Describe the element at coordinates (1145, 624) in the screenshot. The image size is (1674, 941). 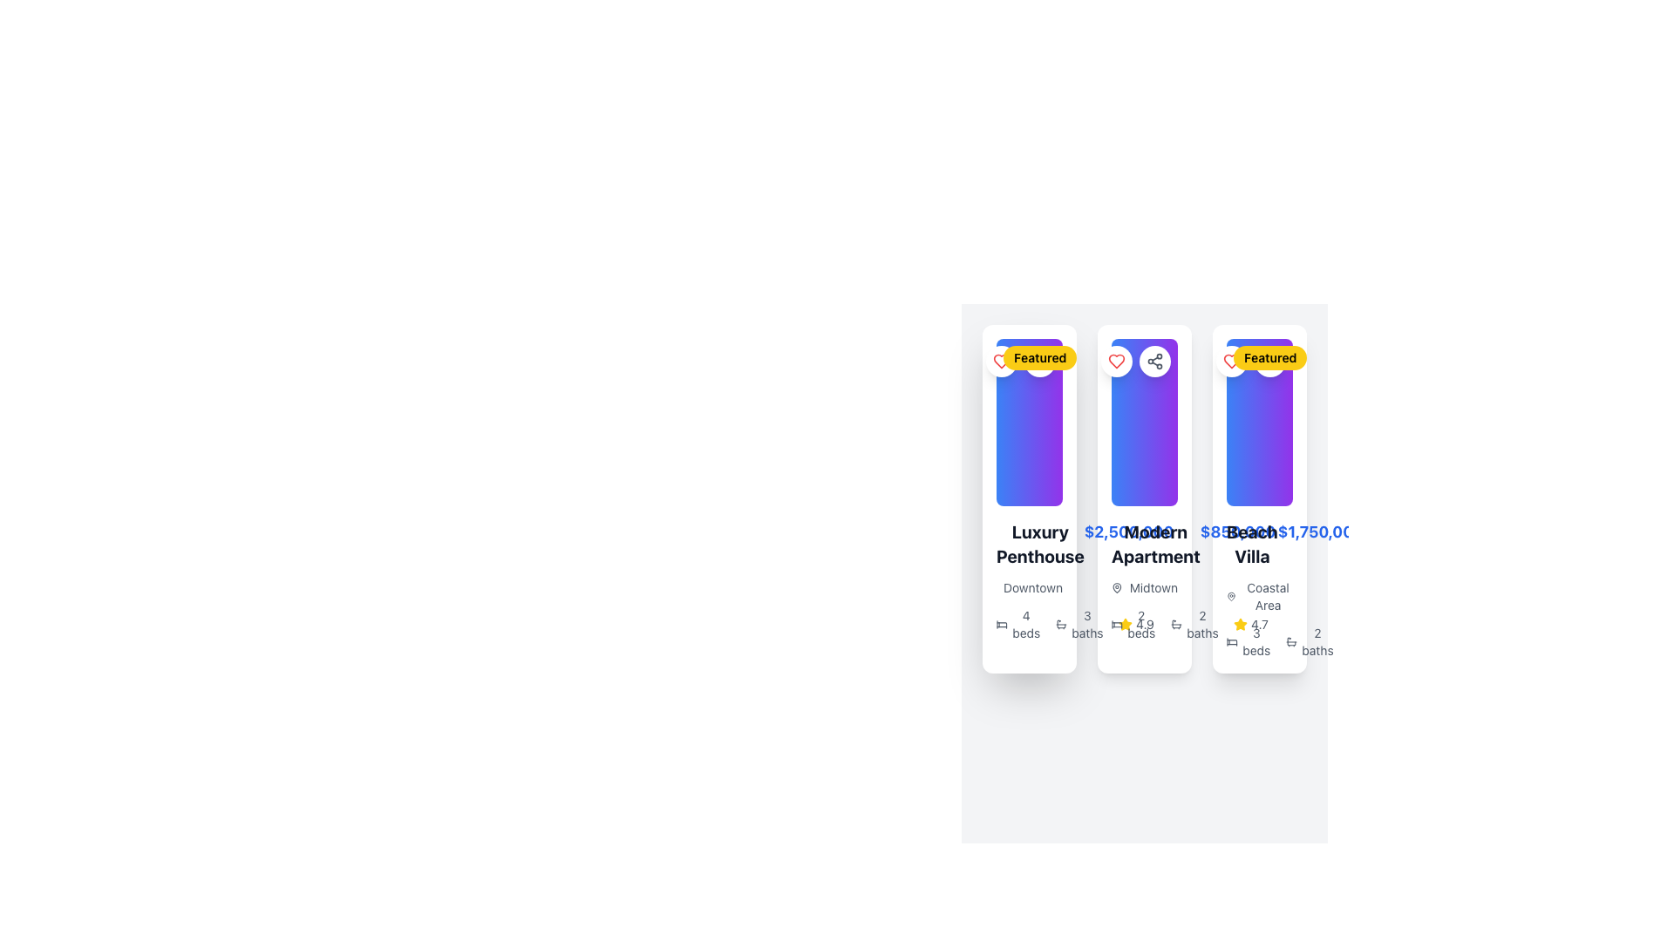
I see `rating value from the Text label that represents the rating of the 'Beach Villa' property, located to the right of the yellow star icon in the third card's layout` at that location.